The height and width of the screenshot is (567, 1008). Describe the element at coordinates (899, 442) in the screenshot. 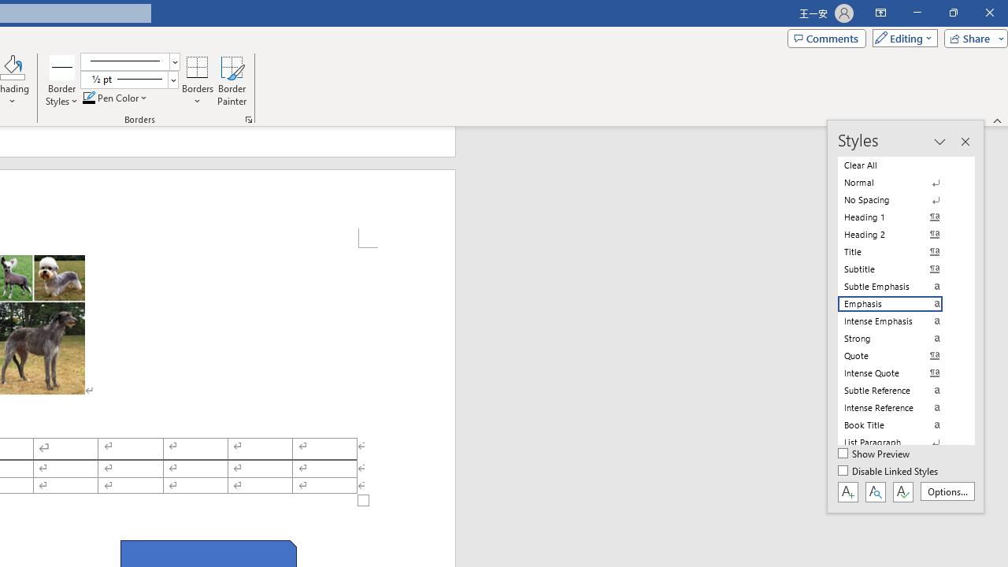

I see `'List Paragraph'` at that location.